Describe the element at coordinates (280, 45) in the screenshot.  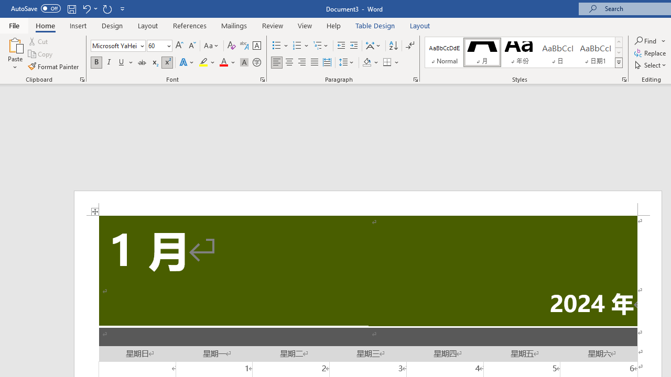
I see `'Bullets'` at that location.